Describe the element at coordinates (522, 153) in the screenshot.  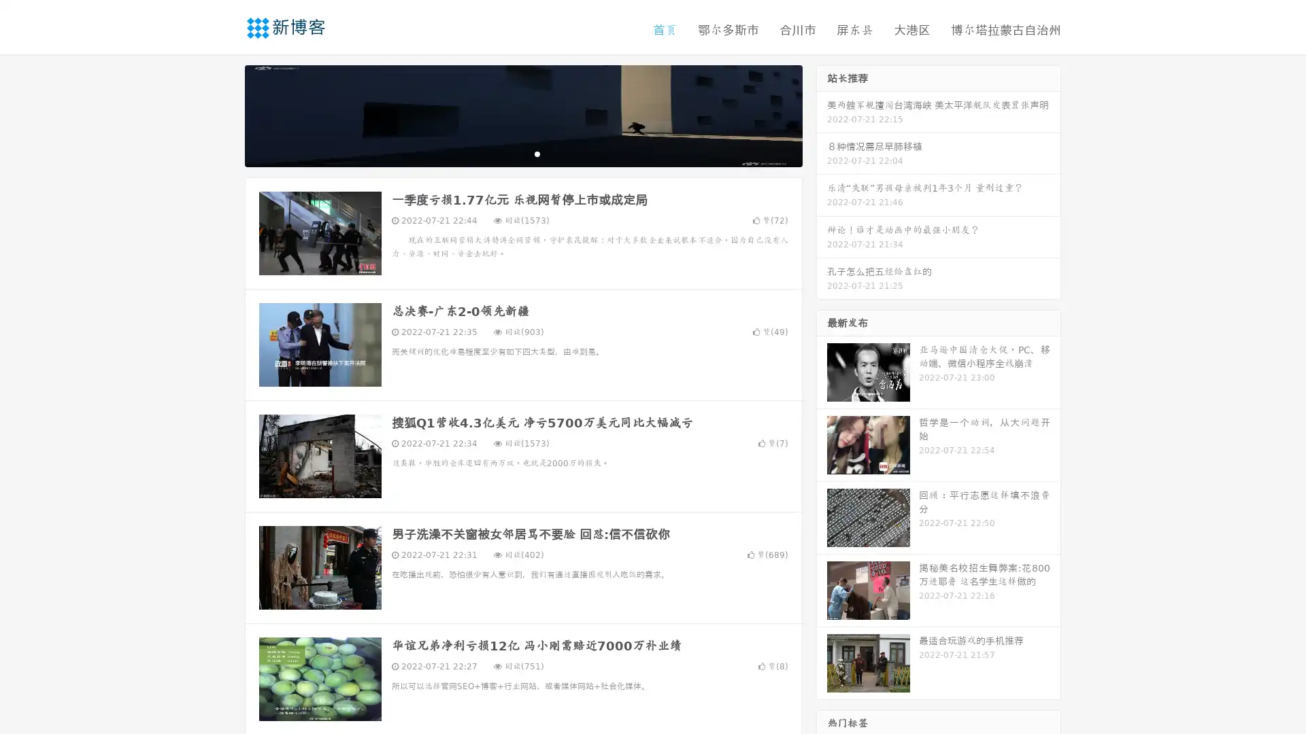
I see `Go to slide 2` at that location.